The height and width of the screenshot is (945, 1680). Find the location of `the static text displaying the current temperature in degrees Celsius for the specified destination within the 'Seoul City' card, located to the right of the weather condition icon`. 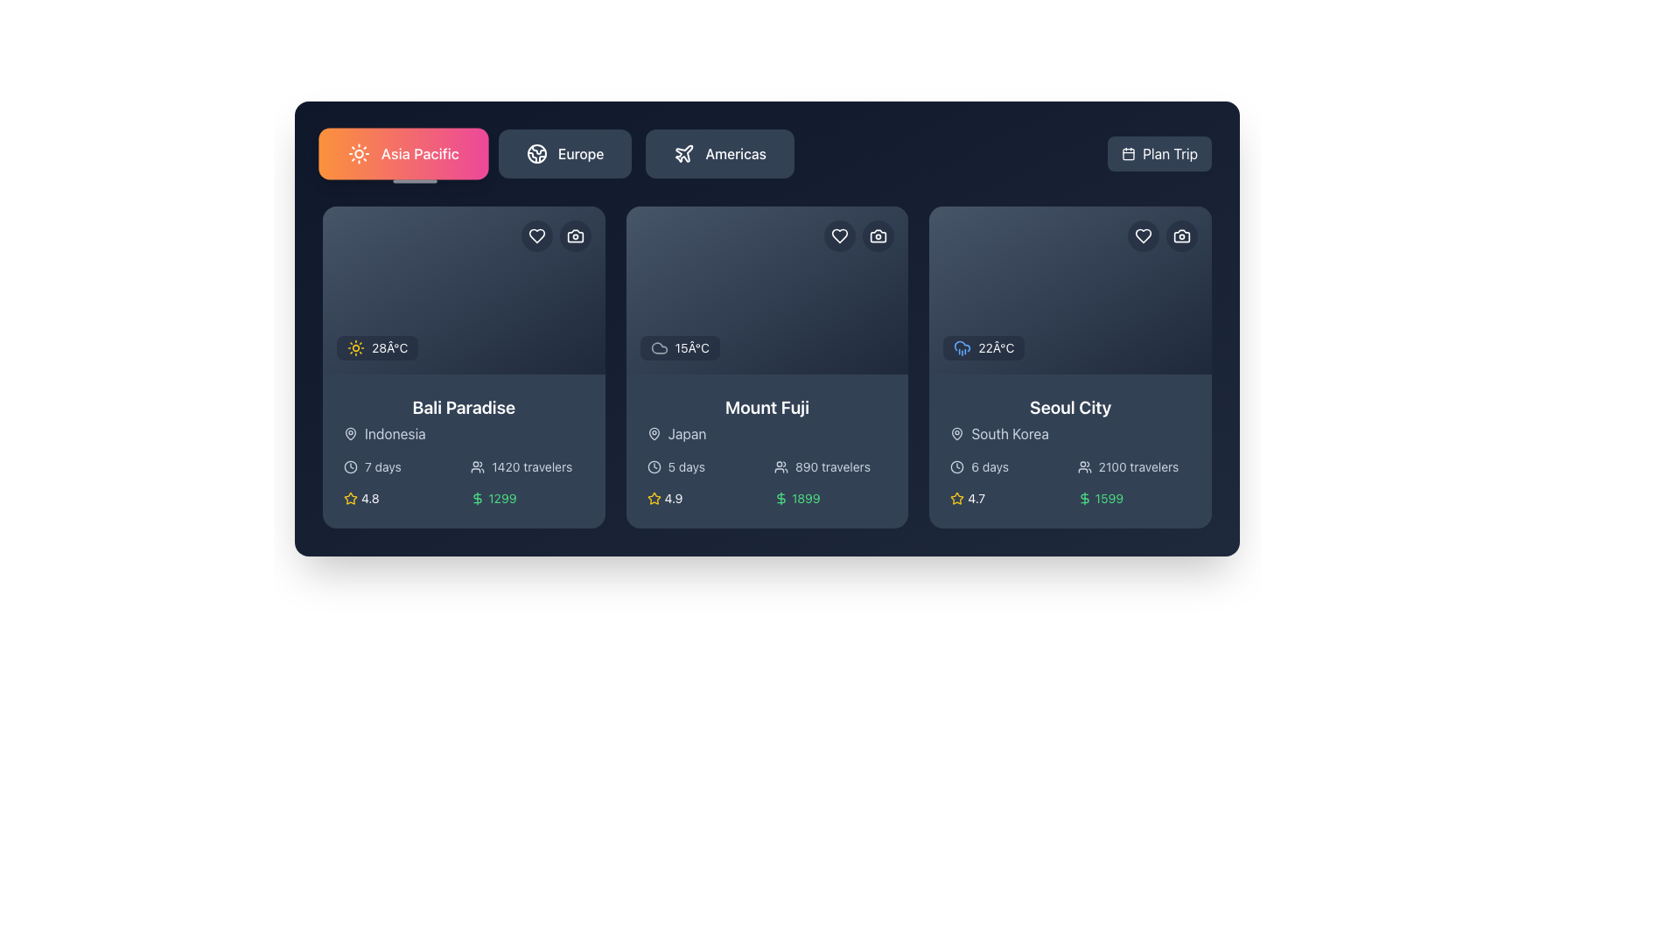

the static text displaying the current temperature in degrees Celsius for the specified destination within the 'Seoul City' card, located to the right of the weather condition icon is located at coordinates (996, 347).